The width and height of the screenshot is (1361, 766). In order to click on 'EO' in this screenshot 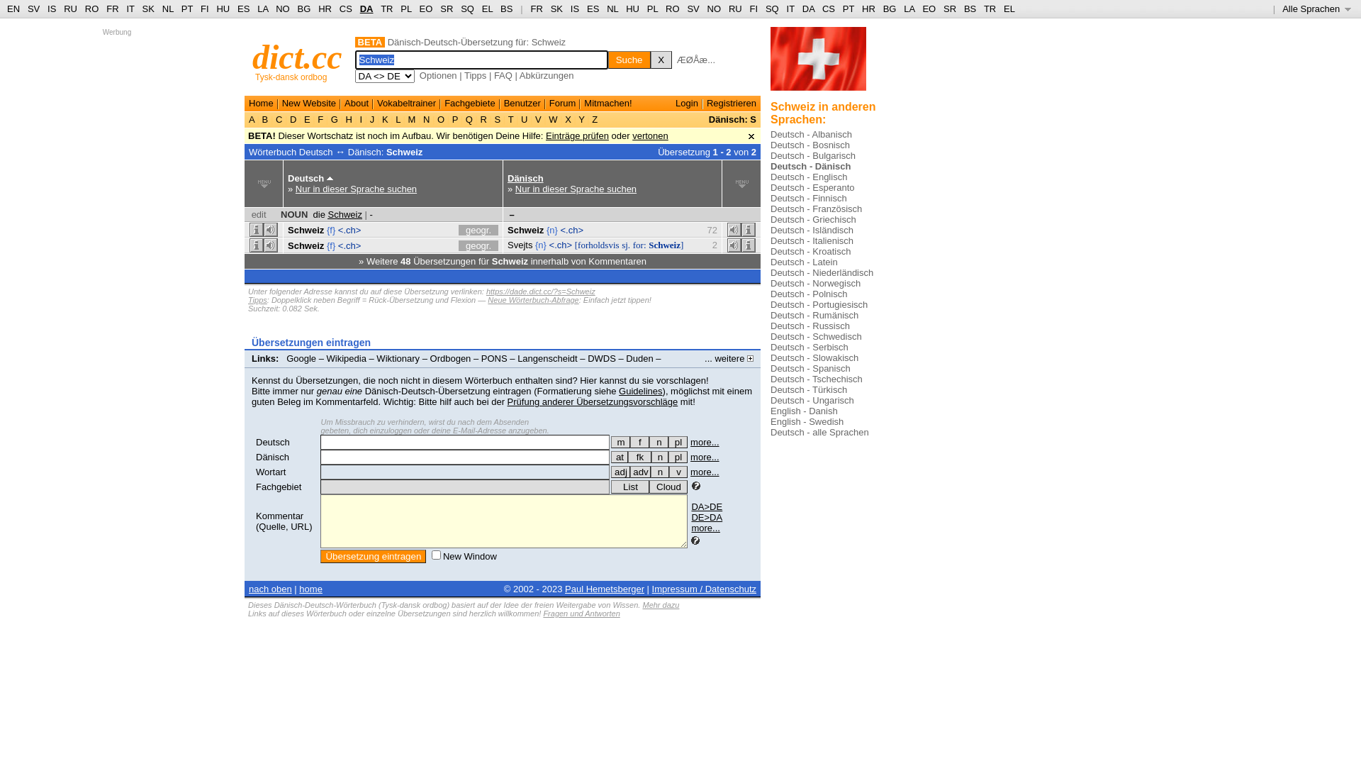, I will do `click(425, 9)`.